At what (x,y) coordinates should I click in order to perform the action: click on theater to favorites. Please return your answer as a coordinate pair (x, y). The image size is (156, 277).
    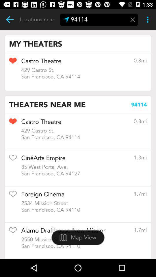
    Looking at the image, I should click on (13, 63).